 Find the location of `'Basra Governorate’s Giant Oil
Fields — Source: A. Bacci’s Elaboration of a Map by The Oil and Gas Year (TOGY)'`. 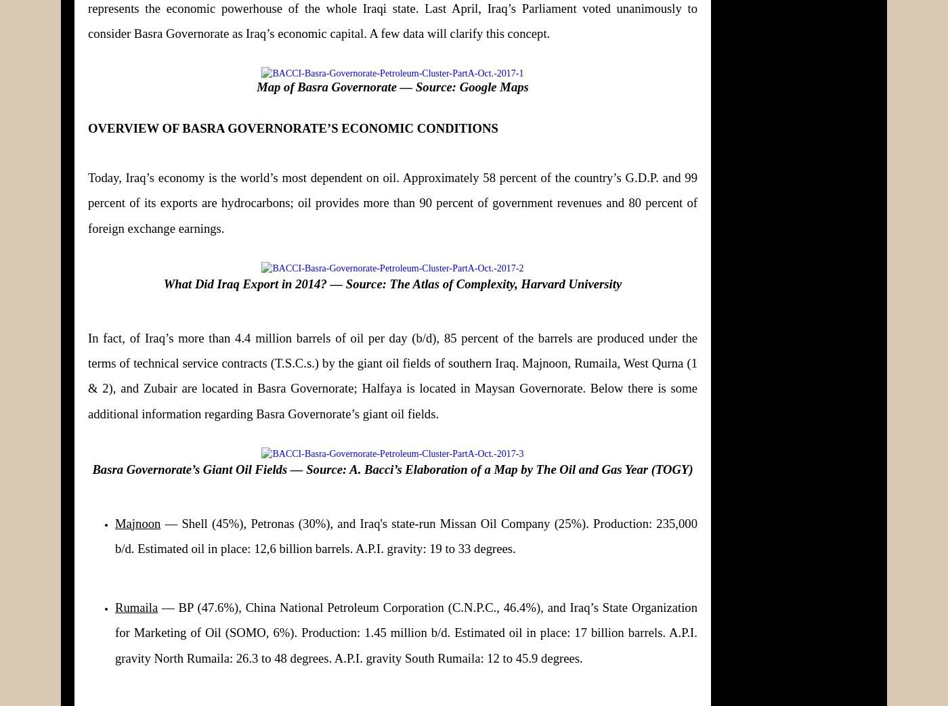

'Basra Governorate’s Giant Oil
Fields — Source: A. Bacci’s Elaboration of a Map by The Oil and Gas Year (TOGY)' is located at coordinates (392, 469).